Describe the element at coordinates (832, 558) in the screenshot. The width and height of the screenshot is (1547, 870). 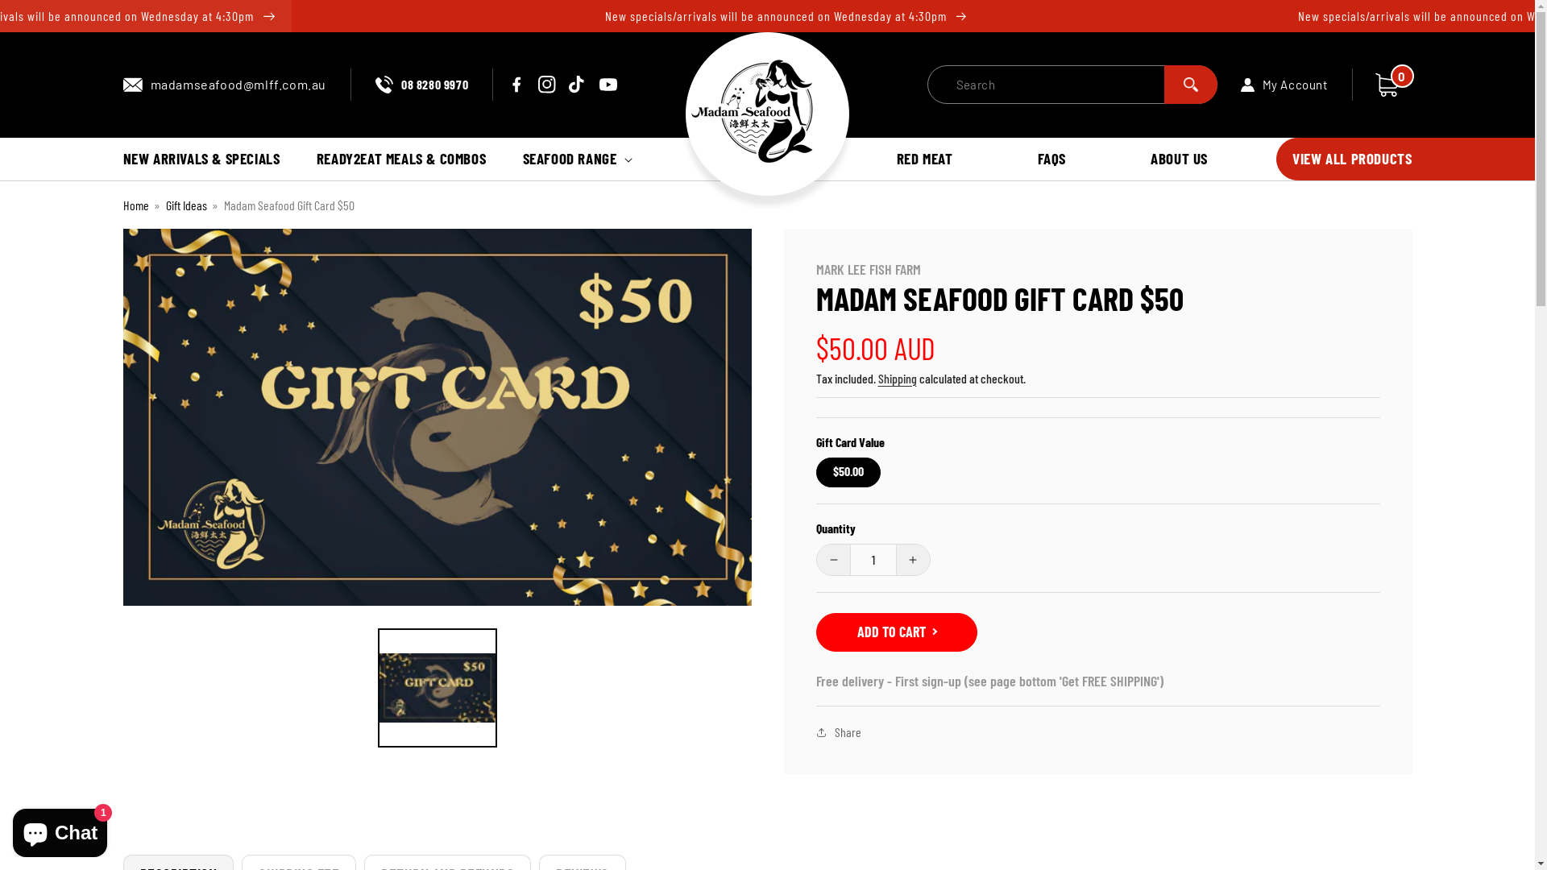
I see `'Decrease quantity for Madam Seafood Gift Card $50'` at that location.